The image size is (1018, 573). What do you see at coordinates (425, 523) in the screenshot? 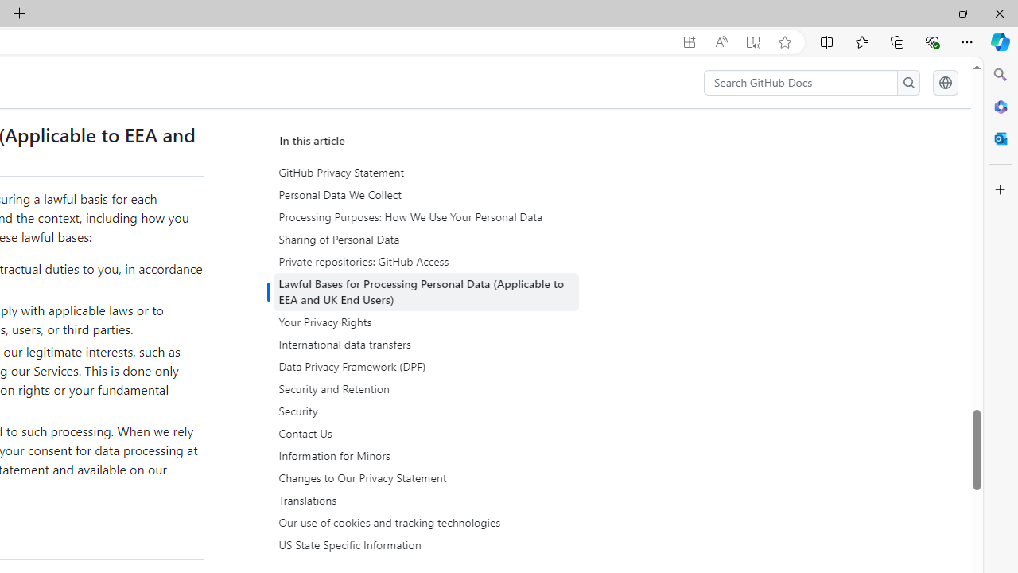
I see `'Our use of cookies and tracking technologies'` at bounding box center [425, 523].